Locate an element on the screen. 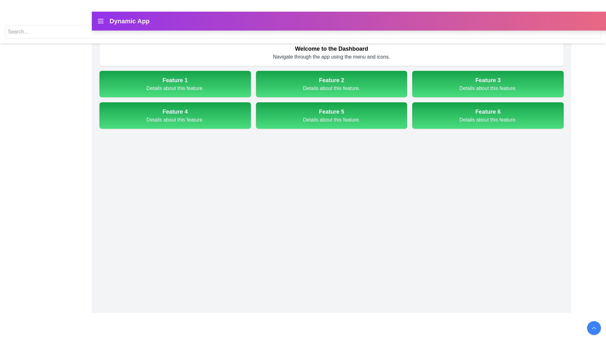  title 'Feature 4' and the description 'Details about this feature.' from the informational card with a green gradient background, located in the second row of the grid is located at coordinates (175, 115).